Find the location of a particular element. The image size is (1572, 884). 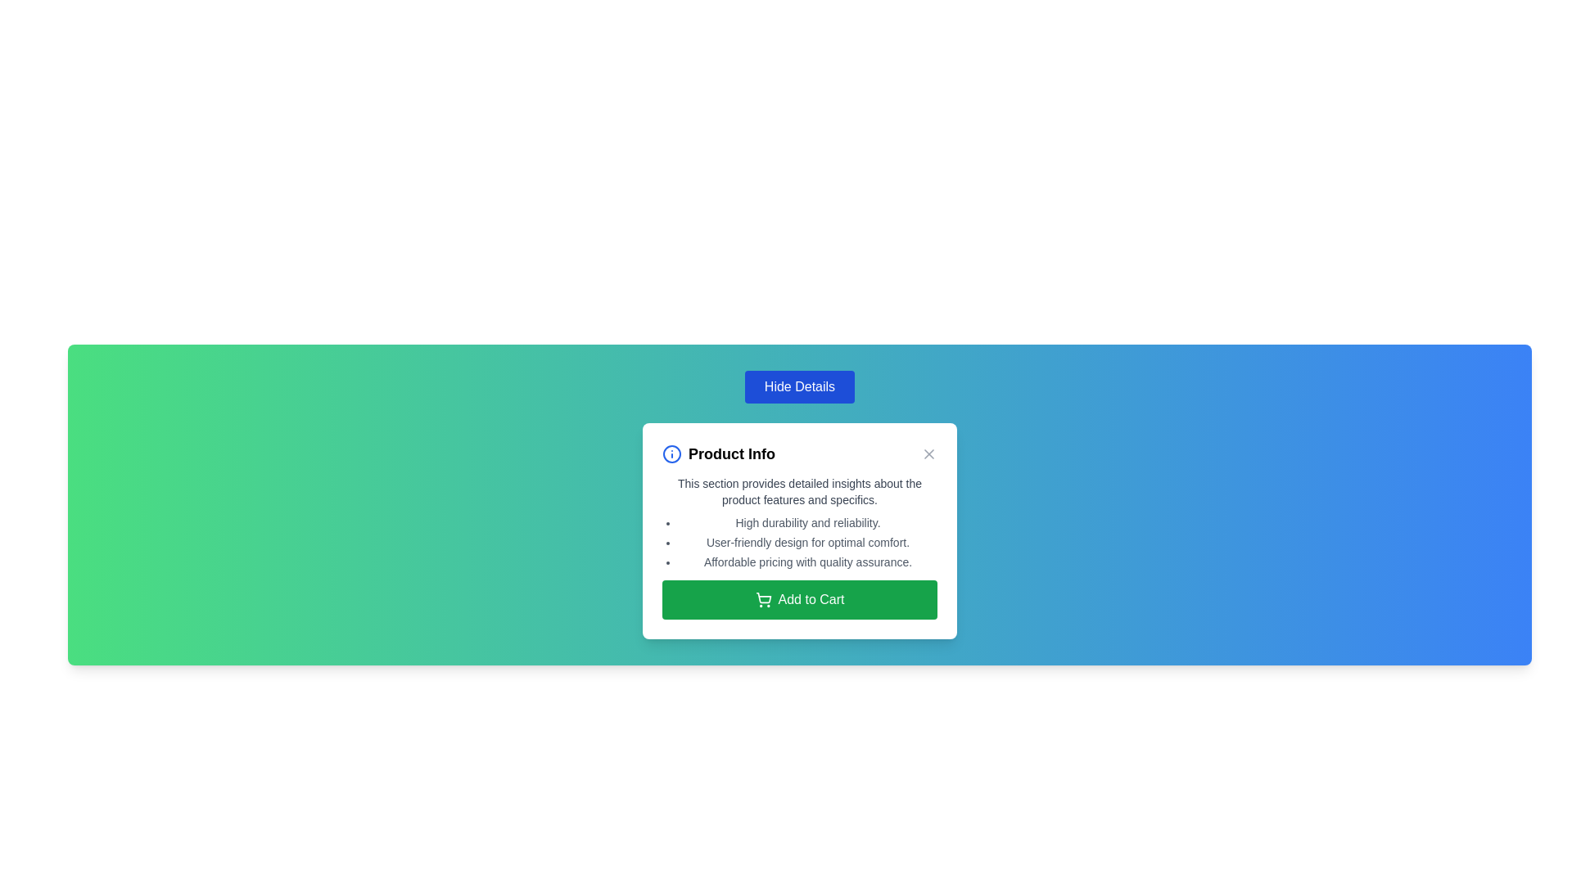

the small, square-shaped 'X' button in the top-right corner of the 'Product Info' section is located at coordinates (928, 454).